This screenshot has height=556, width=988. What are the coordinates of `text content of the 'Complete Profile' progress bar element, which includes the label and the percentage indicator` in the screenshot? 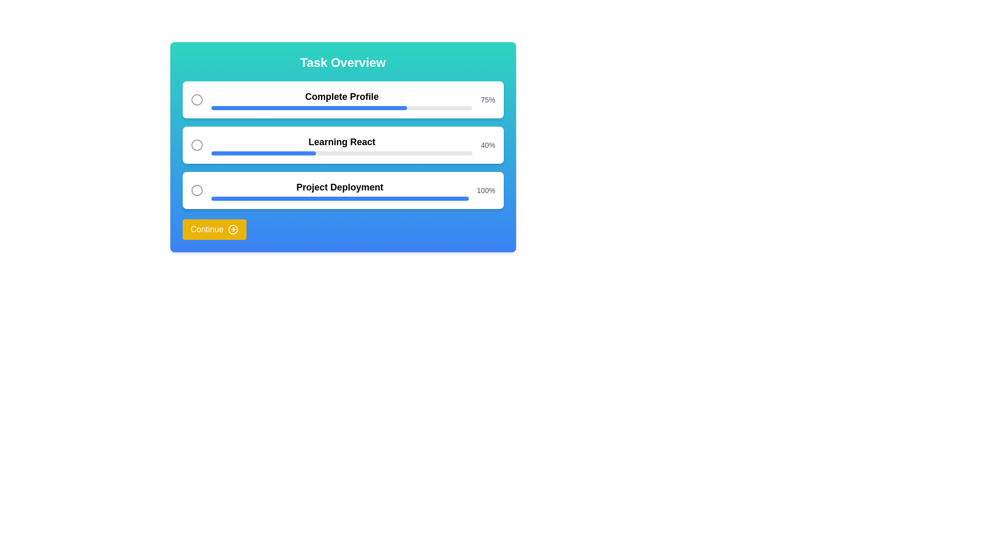 It's located at (342, 99).